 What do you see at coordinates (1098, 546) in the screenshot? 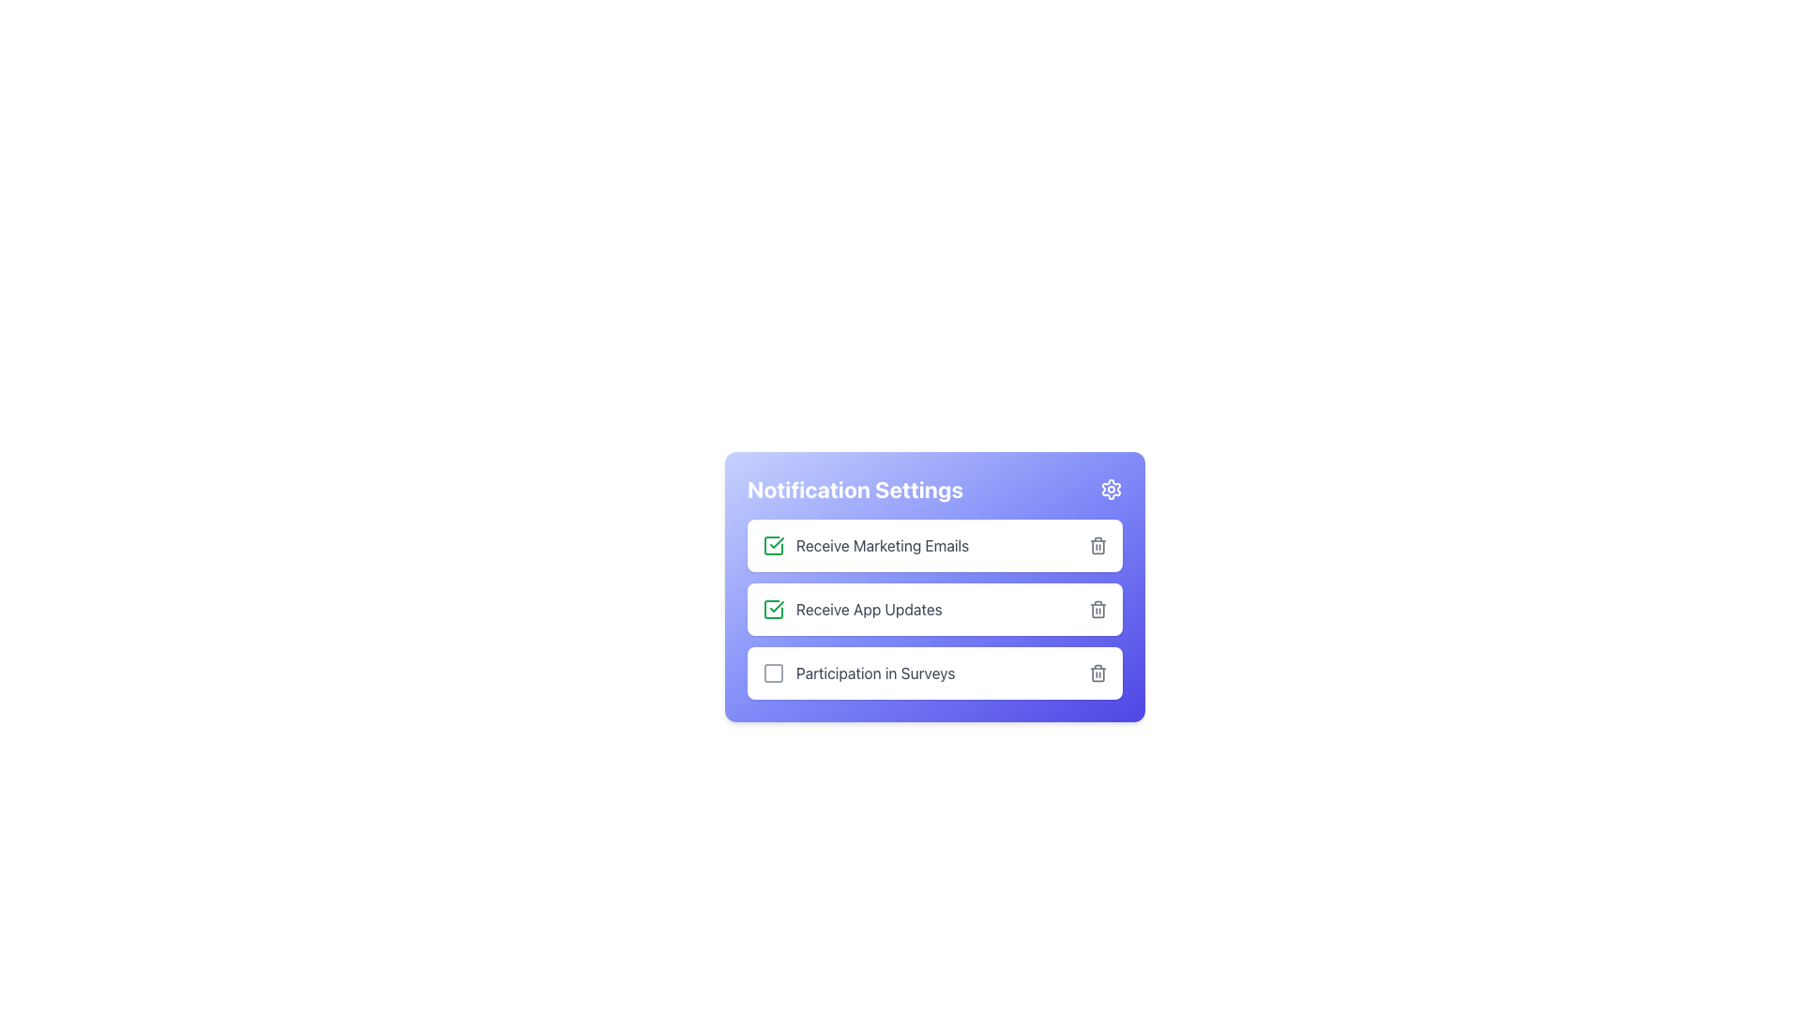
I see `the trash can icon delete button located in the topmost notification row labeled 'Receive Marketing Emails' on the right side` at bounding box center [1098, 546].